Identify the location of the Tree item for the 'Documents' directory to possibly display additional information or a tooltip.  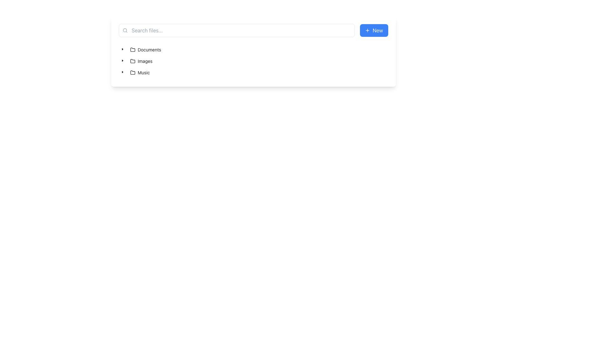
(145, 50).